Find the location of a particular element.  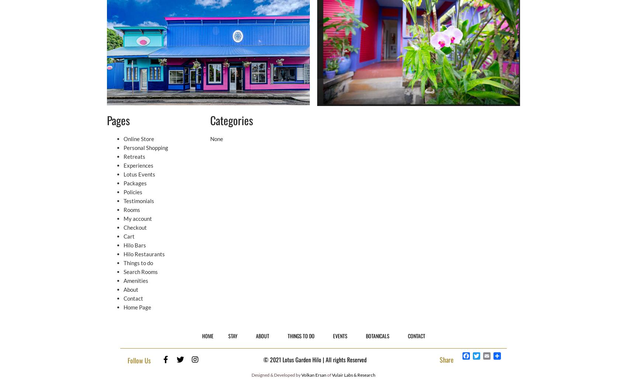

'About' is located at coordinates (130, 290).